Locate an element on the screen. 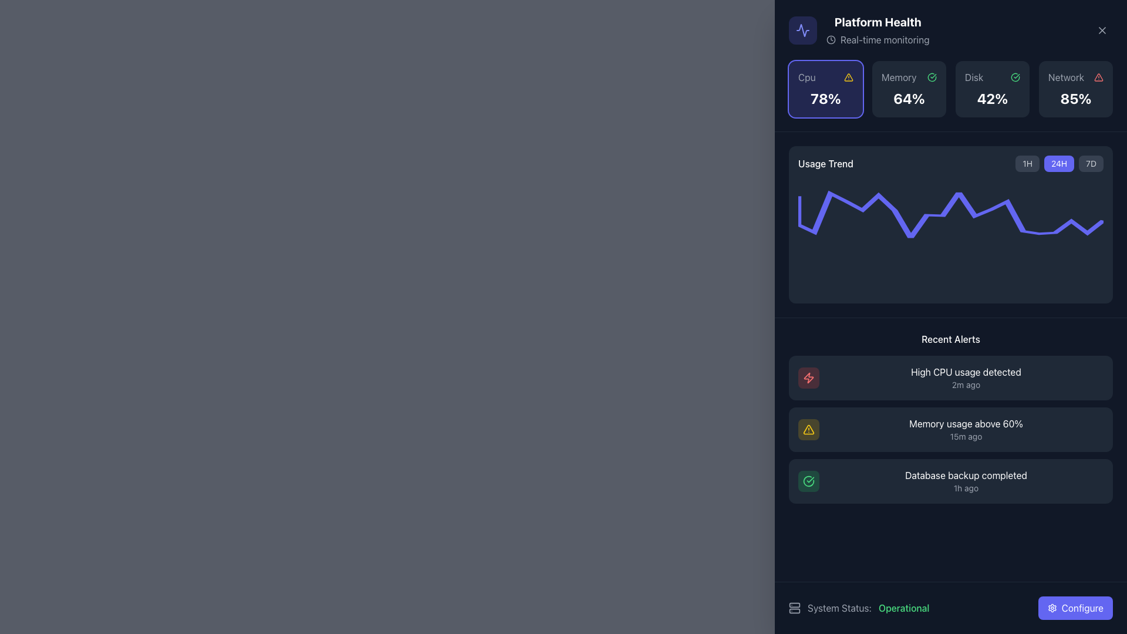 This screenshot has height=634, width=1127. the text block displaying 'High CPU usage detected' in white font, located in the 'Recent Alerts' section, directly to the right of the red lightning bolt icon is located at coordinates (966, 372).